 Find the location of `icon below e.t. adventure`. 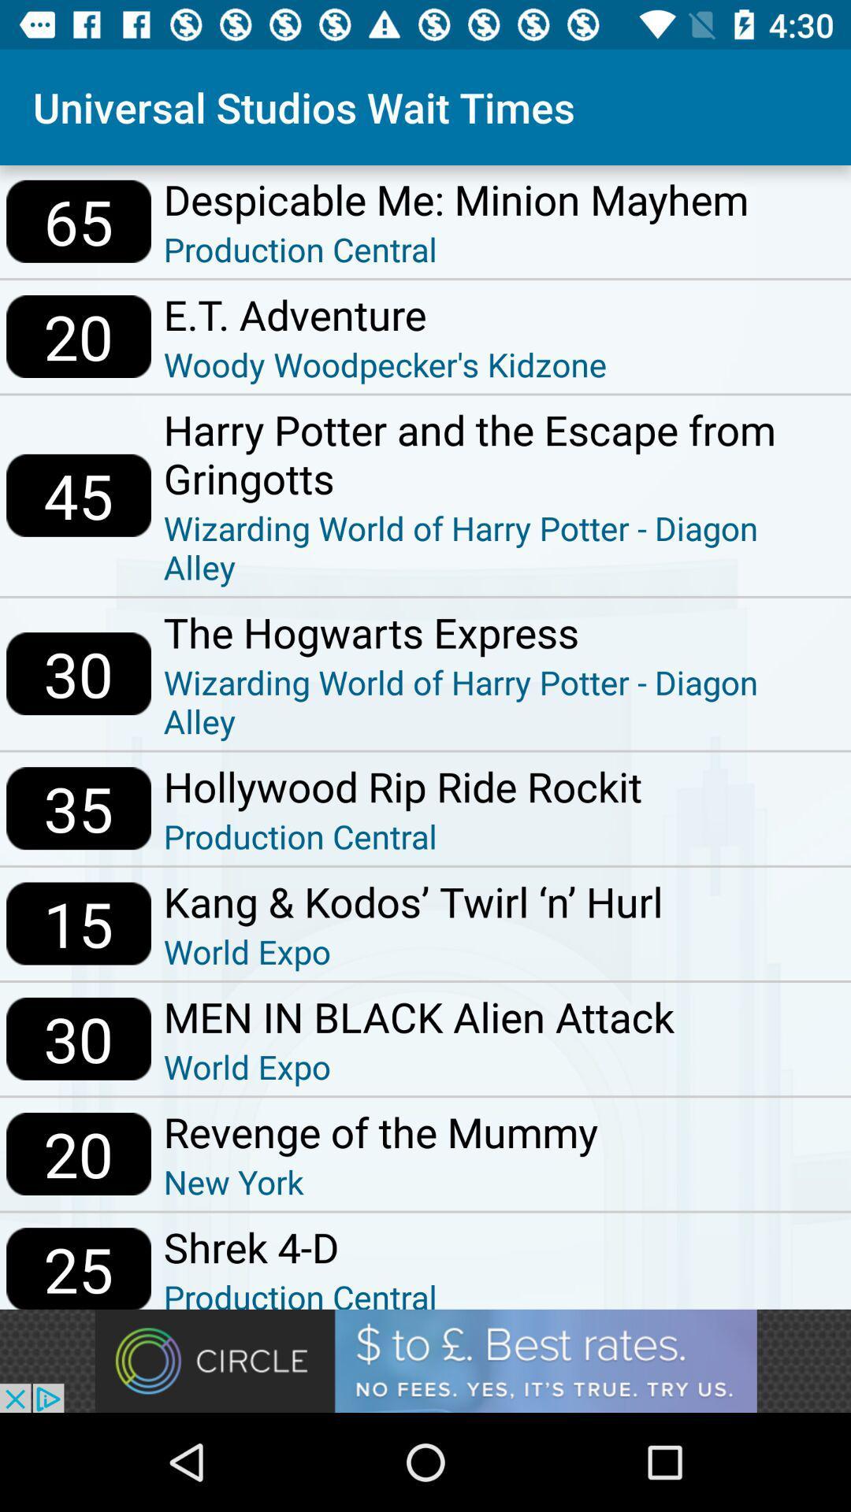

icon below e.t. adventure is located at coordinates (385, 363).